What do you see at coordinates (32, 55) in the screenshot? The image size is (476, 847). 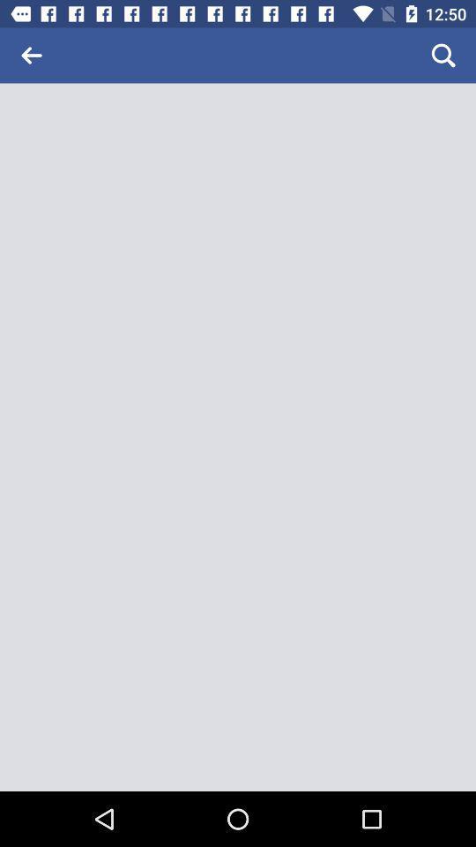 I see `item at the top left corner` at bounding box center [32, 55].